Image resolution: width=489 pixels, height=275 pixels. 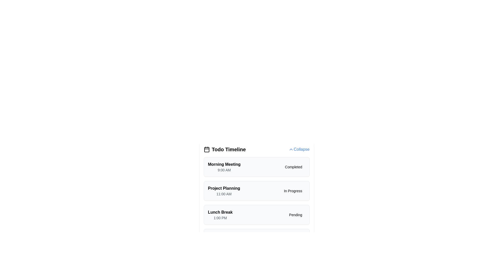 What do you see at coordinates (207, 149) in the screenshot?
I see `the calendar icon, which is an outline drawing with rounded corners, located to the left of the 'Todo Timeline' label in the header section` at bounding box center [207, 149].